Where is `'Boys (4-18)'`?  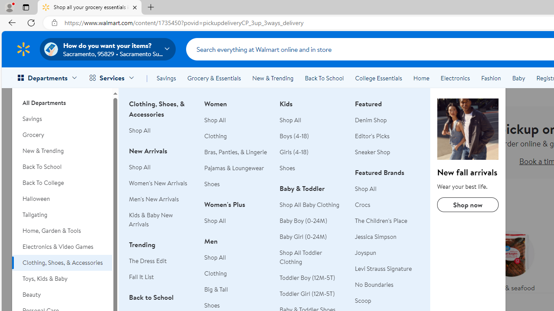 'Boys (4-18)' is located at coordinates (312, 136).